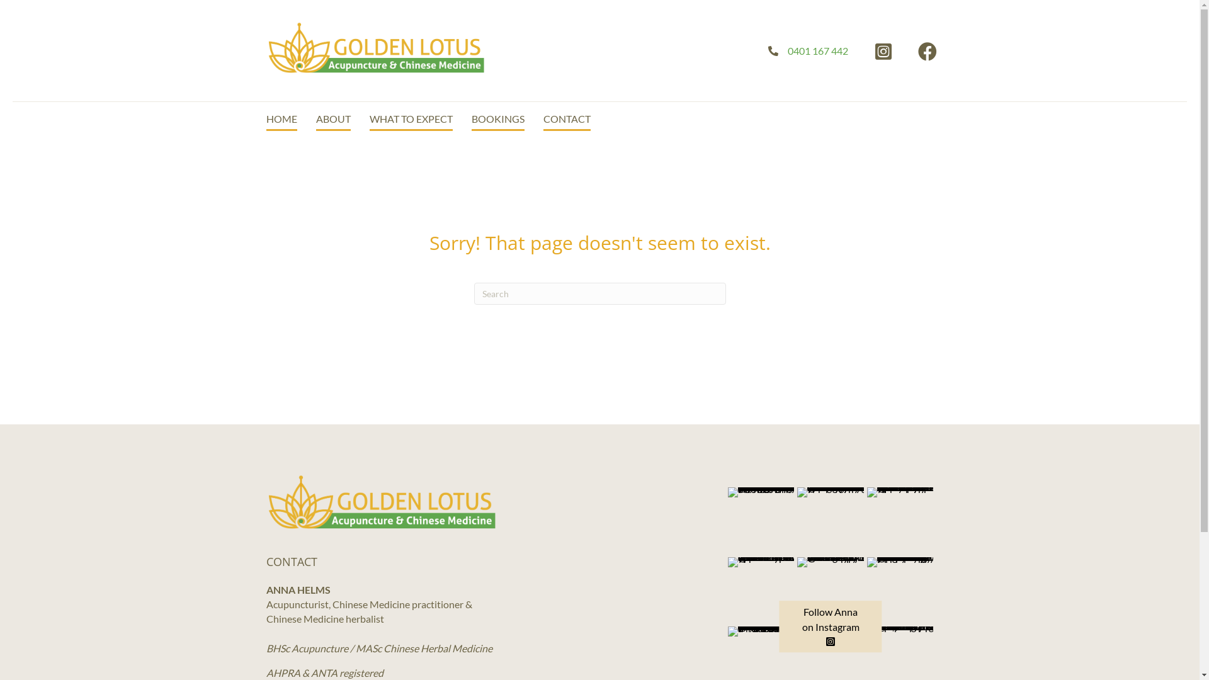 The image size is (1209, 680). Describe the element at coordinates (375, 47) in the screenshot. I see `'GoldenLotus_Logo_2023'` at that location.